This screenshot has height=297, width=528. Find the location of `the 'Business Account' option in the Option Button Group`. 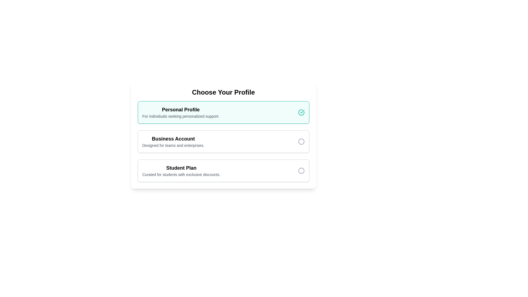

the 'Business Account' option in the Option Button Group is located at coordinates (223, 135).